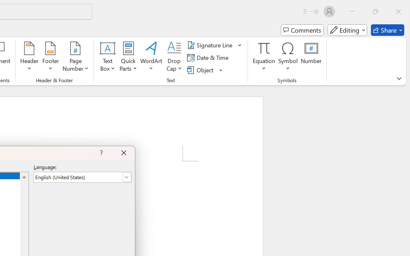  What do you see at coordinates (375, 11) in the screenshot?
I see `'Restore Down'` at bounding box center [375, 11].